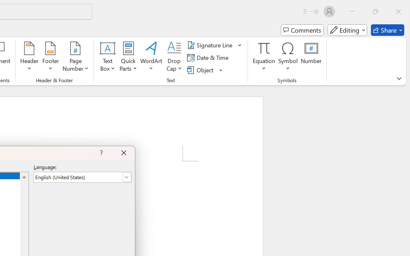  What do you see at coordinates (375, 11) in the screenshot?
I see `'Restore Down'` at bounding box center [375, 11].